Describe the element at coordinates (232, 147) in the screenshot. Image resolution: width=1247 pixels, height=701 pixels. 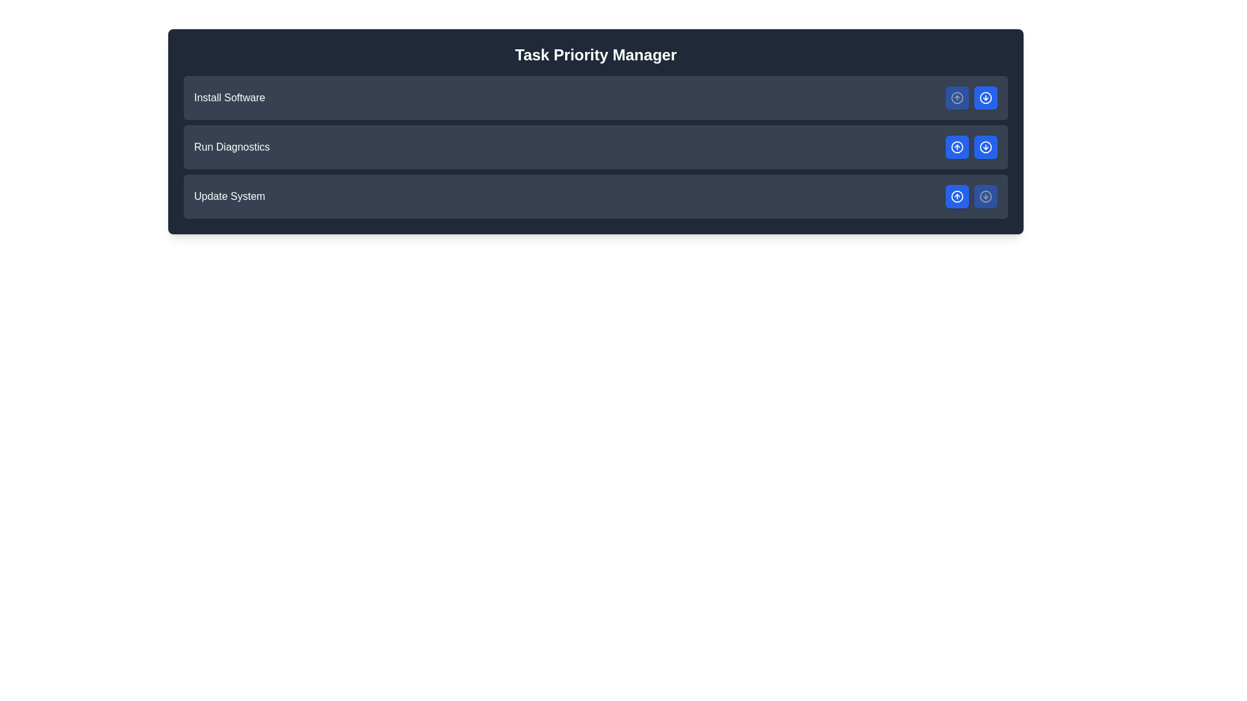
I see `the 'Run Diagnostics' label, which is a text label with a gray background and white text, located in the middle row of a vertical list of three entries` at that location.